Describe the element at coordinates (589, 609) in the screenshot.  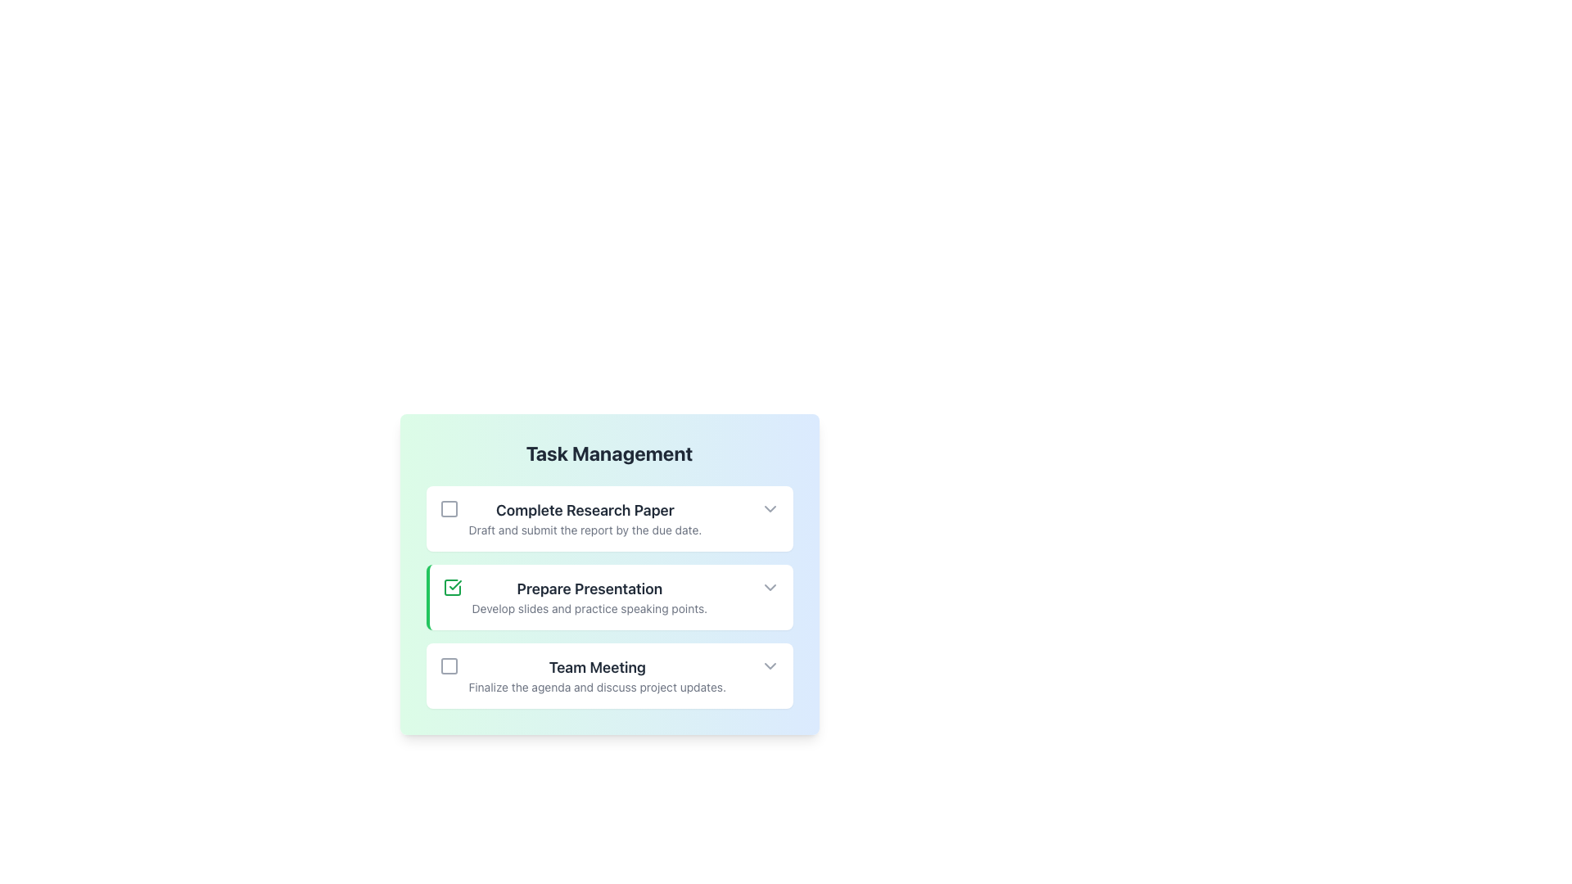
I see `the static text element that provides additional information regarding the task labeled 'Prepare Presentation'` at that location.